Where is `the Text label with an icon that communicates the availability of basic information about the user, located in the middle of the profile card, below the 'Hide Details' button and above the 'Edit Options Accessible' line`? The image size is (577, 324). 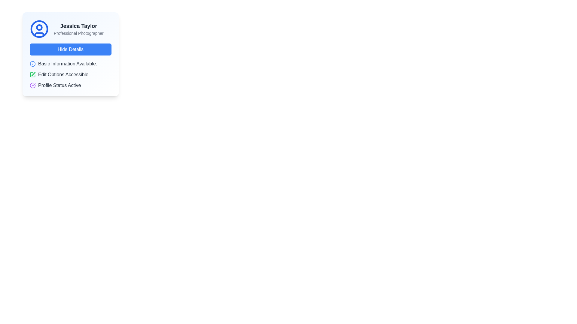
the Text label with an icon that communicates the availability of basic information about the user, located in the middle of the profile card, below the 'Hide Details' button and above the 'Edit Options Accessible' line is located at coordinates (71, 64).